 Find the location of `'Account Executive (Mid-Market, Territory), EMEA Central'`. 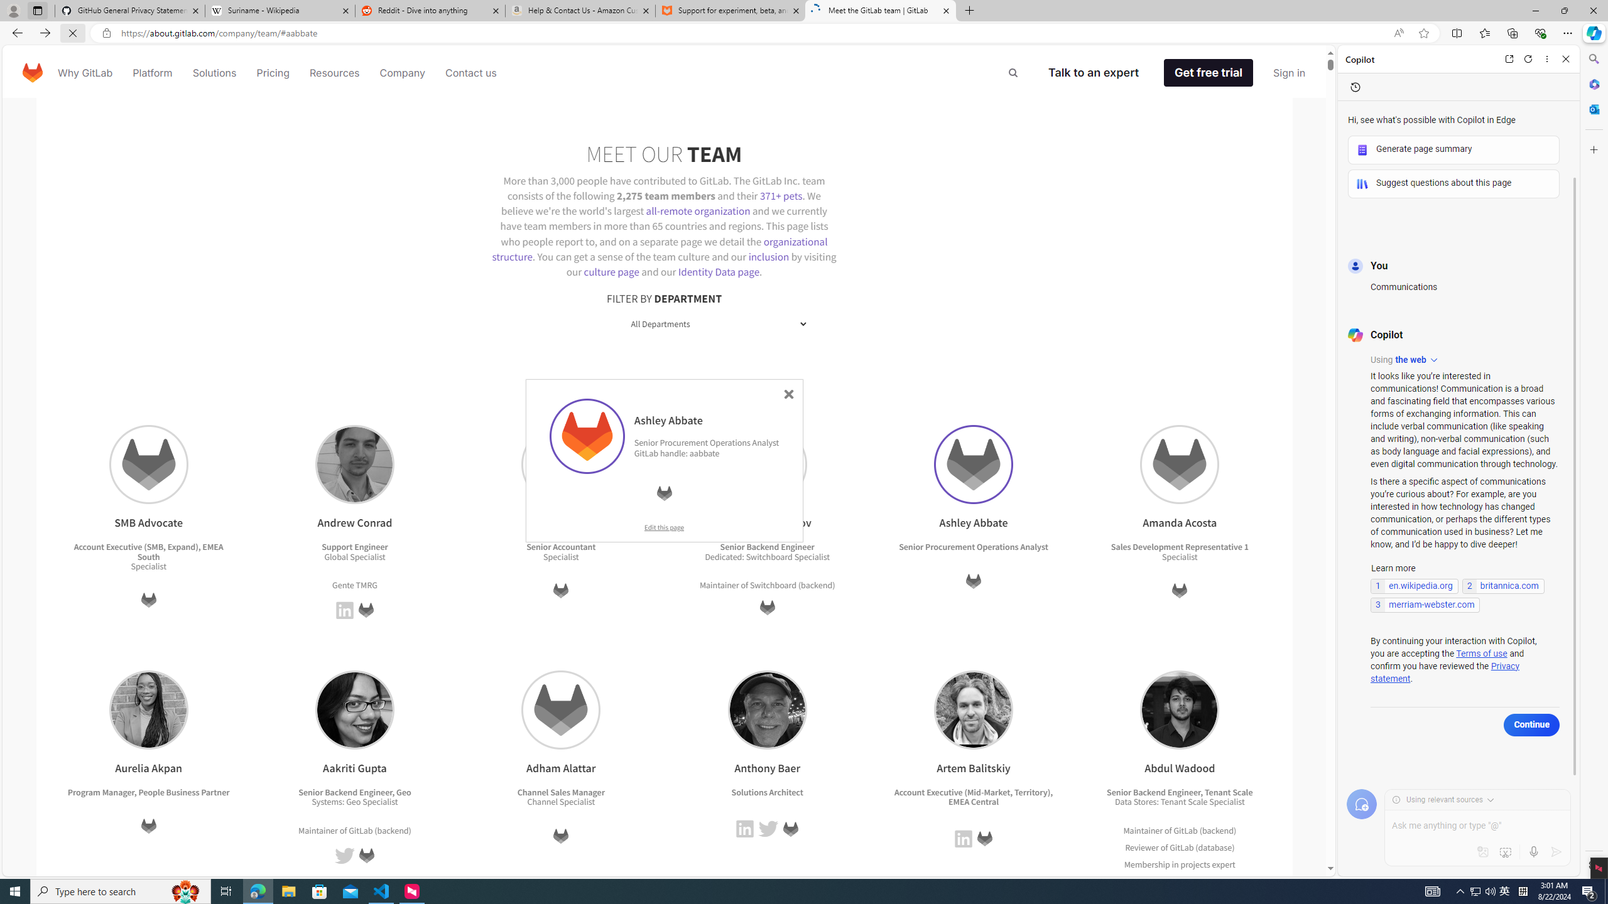

'Account Executive (Mid-Market, Territory), EMEA Central' is located at coordinates (973, 796).